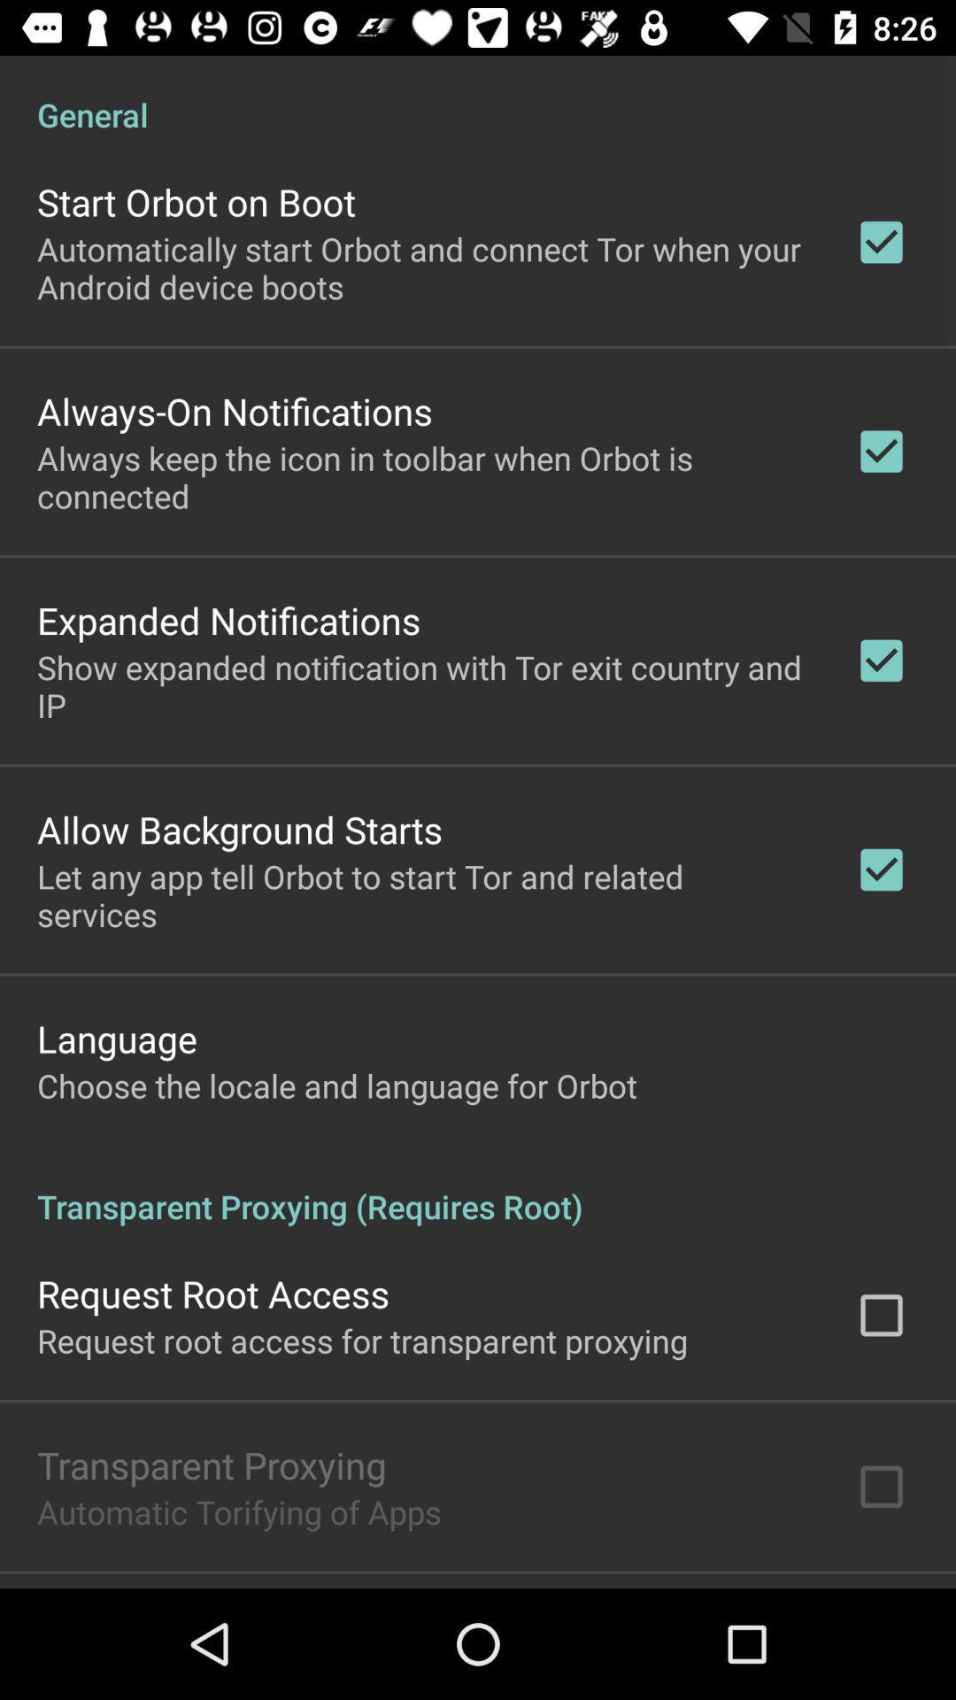 This screenshot has height=1700, width=956. I want to click on the expanded notifications app, so click(227, 620).